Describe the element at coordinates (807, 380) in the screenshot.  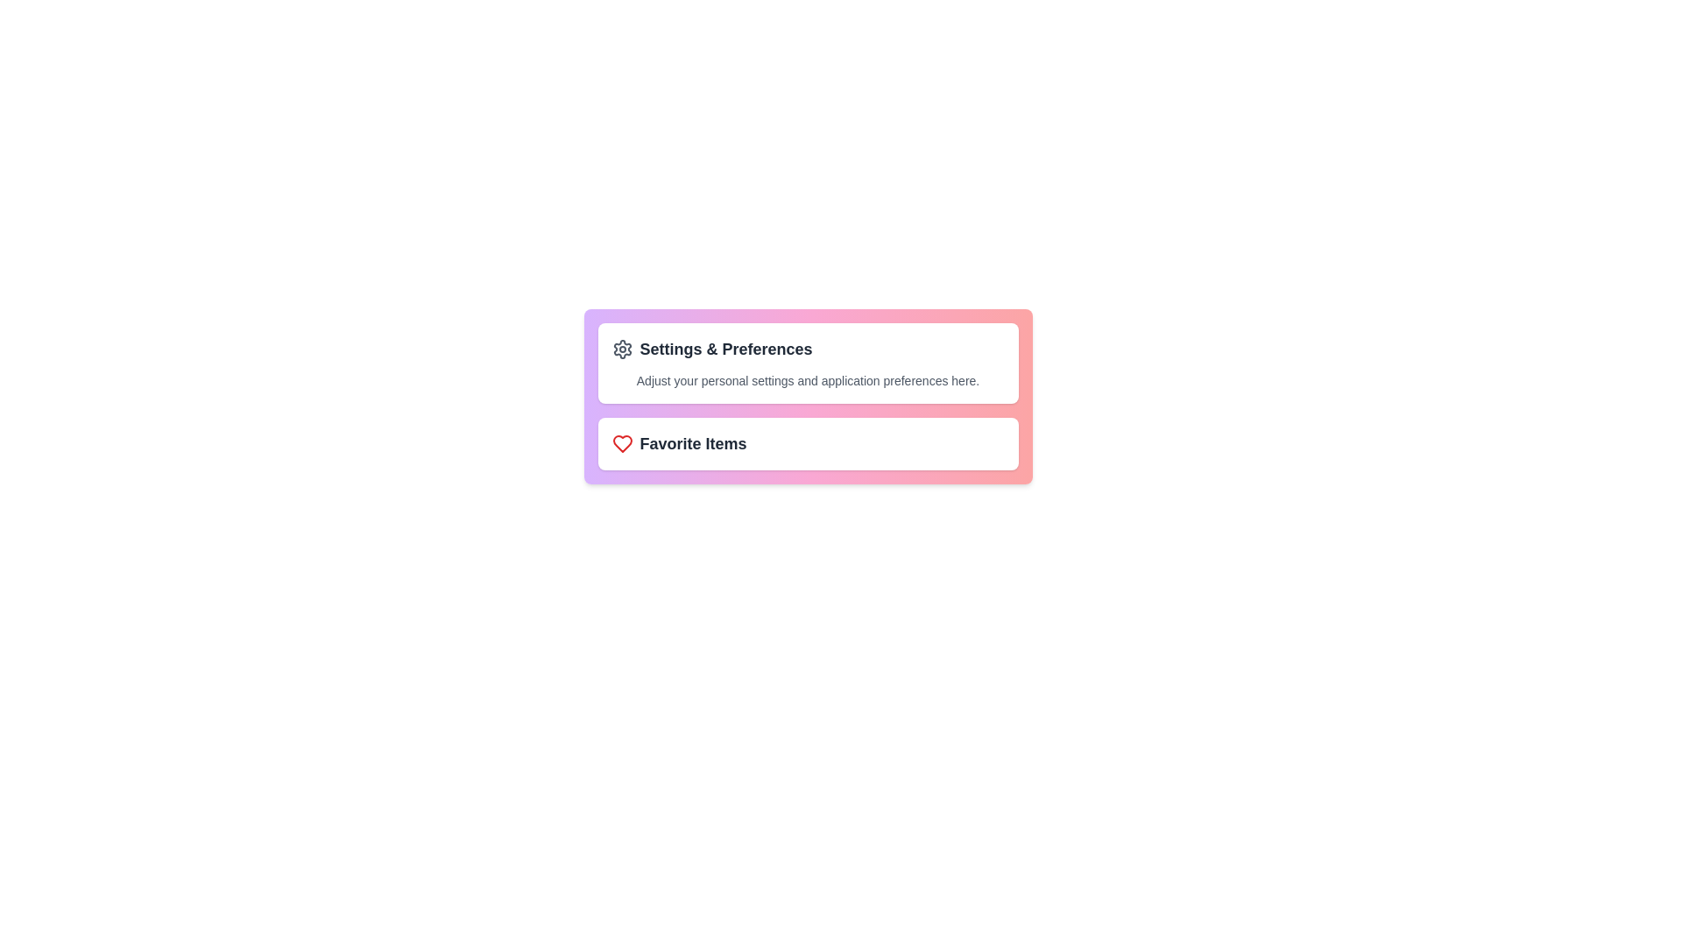
I see `the static informational text that reads 'Adjust your personal settings and application preferences here.', which is located below the 'Settings & Preferences' header` at that location.